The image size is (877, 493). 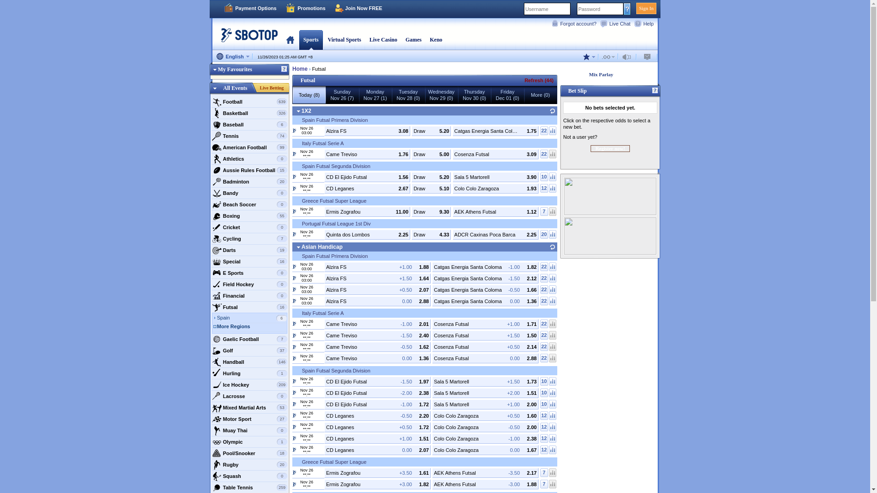 What do you see at coordinates (358, 8) in the screenshot?
I see `'Join Now FREE'` at bounding box center [358, 8].